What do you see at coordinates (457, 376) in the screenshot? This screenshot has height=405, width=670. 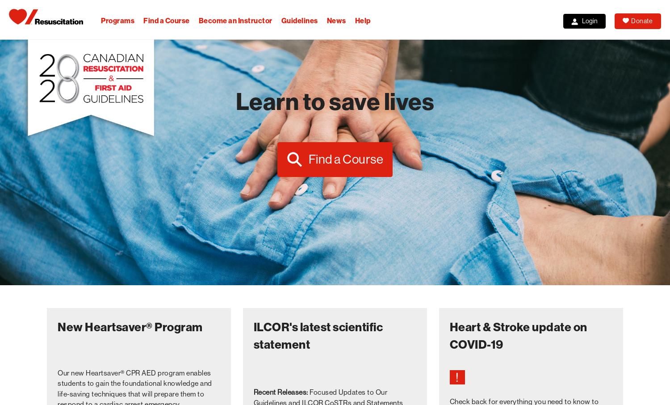 I see `'!'` at bounding box center [457, 376].